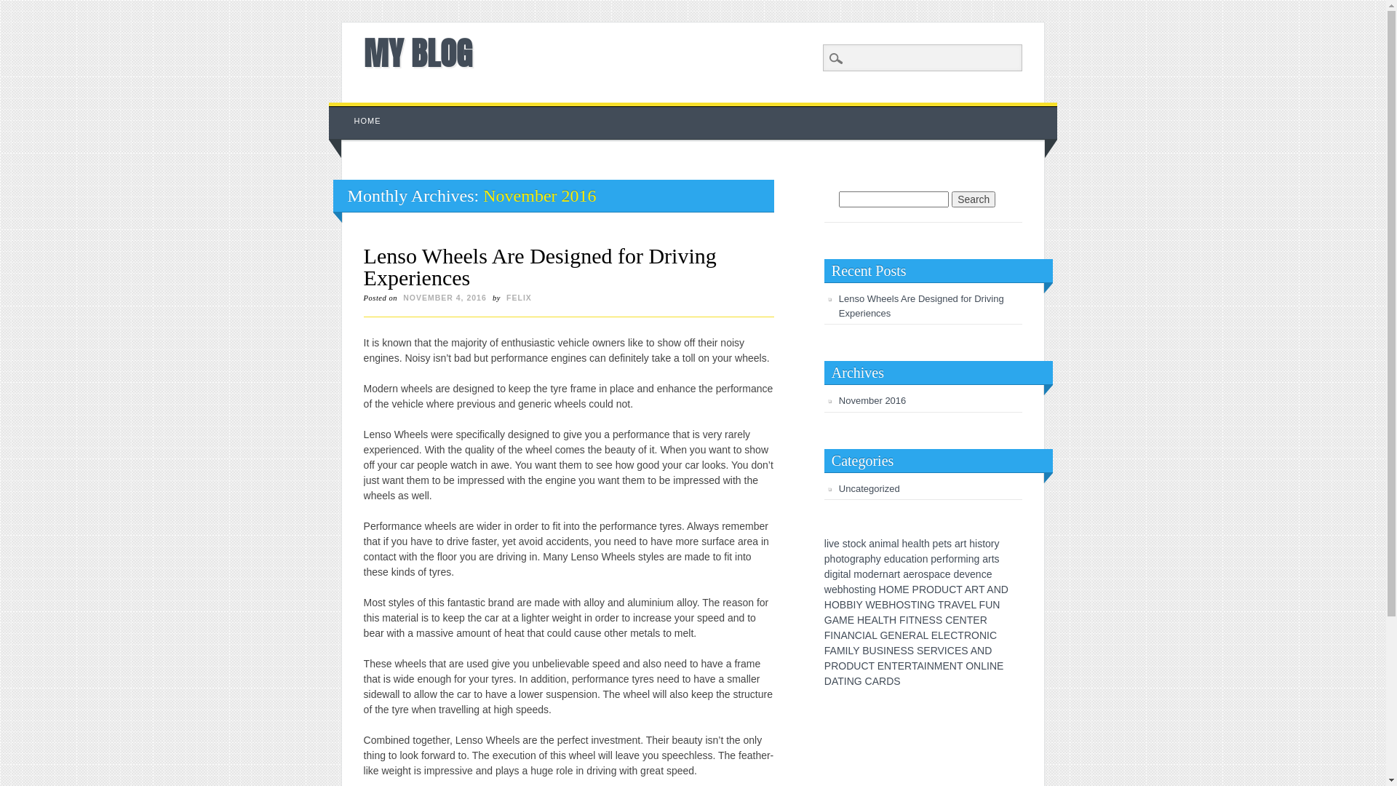 The height and width of the screenshot is (786, 1397). I want to click on 'T', so click(960, 634).